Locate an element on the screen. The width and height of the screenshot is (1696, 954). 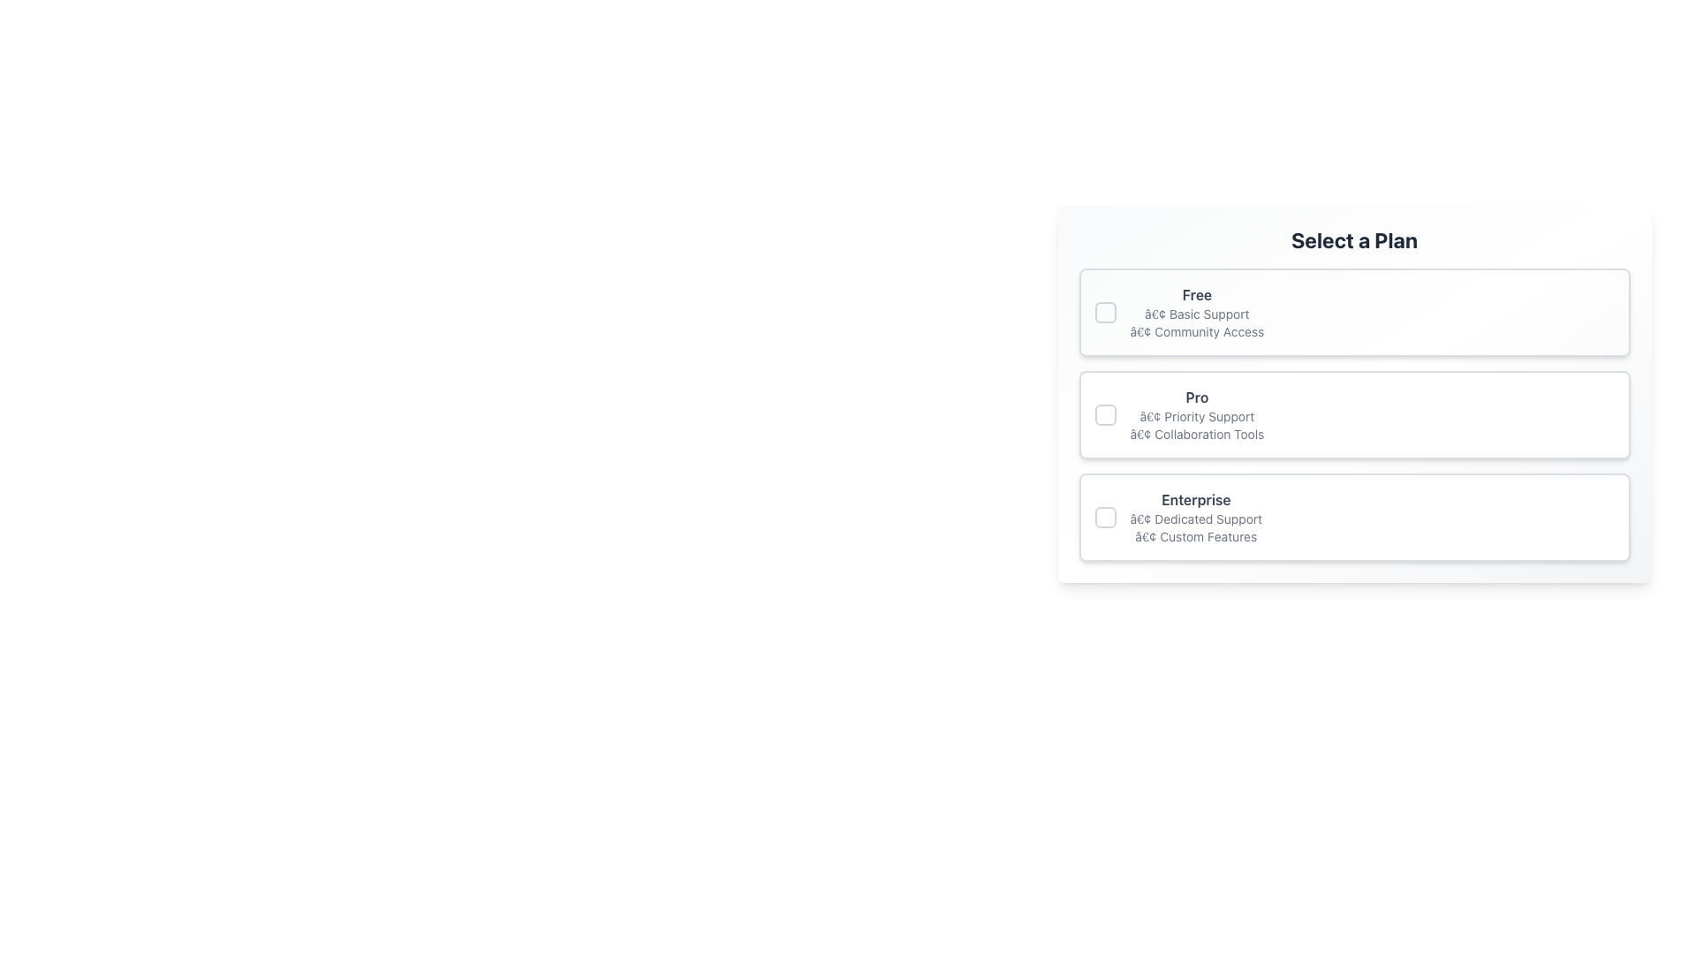
the text element that provides supportive information for the 'Enterprise' plan option, located within the 'Enterprise' plan card, just below the title and above the checkbox is located at coordinates (1196, 526).